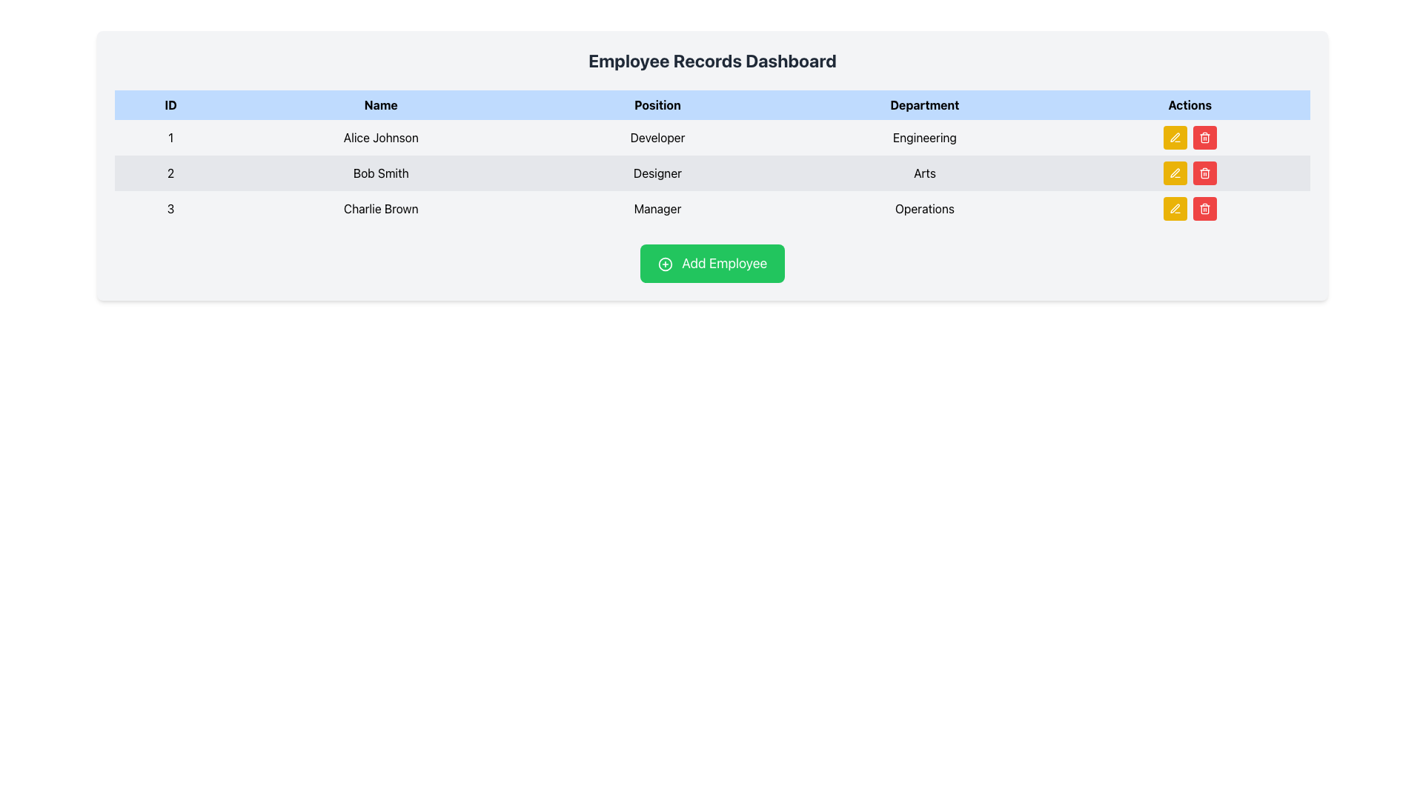  What do you see at coordinates (1204, 139) in the screenshot?
I see `the graphical vector representing the trash can icon in the 'Actions' column of the second row of the tabular interface` at bounding box center [1204, 139].